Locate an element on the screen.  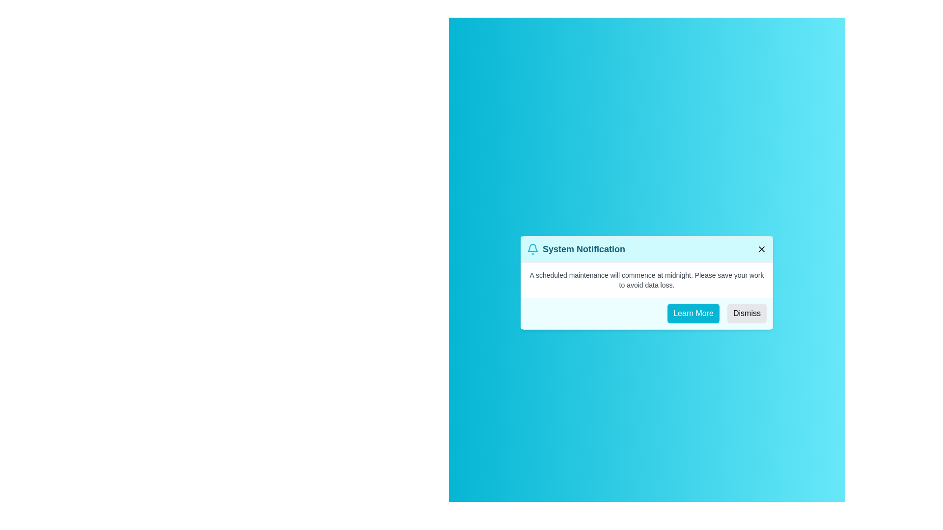
the 'Dismiss' button with a light gray background located in the bottom-right corner of the notification modal to observe the hover effect is located at coordinates (747, 313).